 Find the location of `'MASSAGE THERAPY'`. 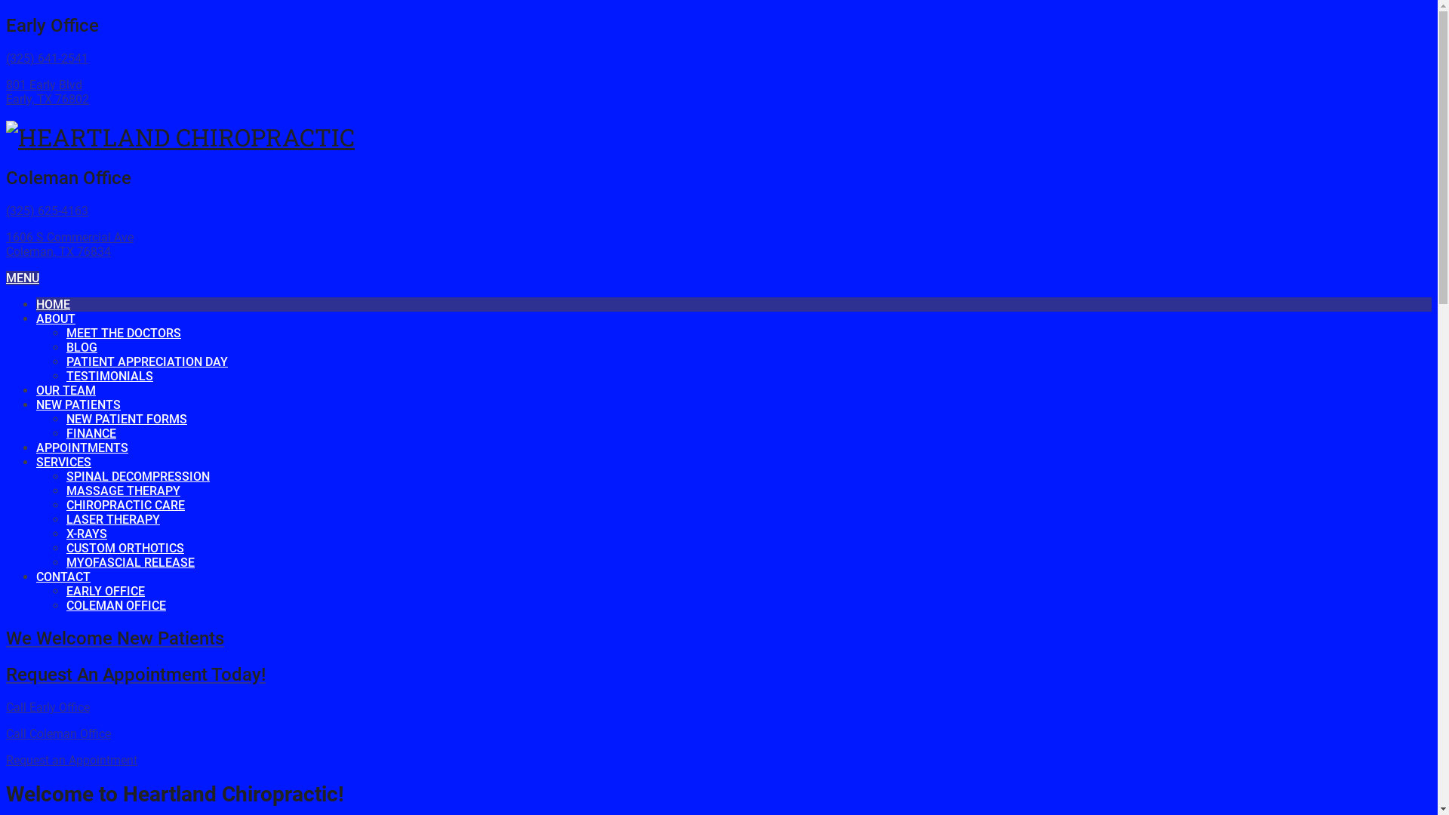

'MASSAGE THERAPY' is located at coordinates (65, 491).